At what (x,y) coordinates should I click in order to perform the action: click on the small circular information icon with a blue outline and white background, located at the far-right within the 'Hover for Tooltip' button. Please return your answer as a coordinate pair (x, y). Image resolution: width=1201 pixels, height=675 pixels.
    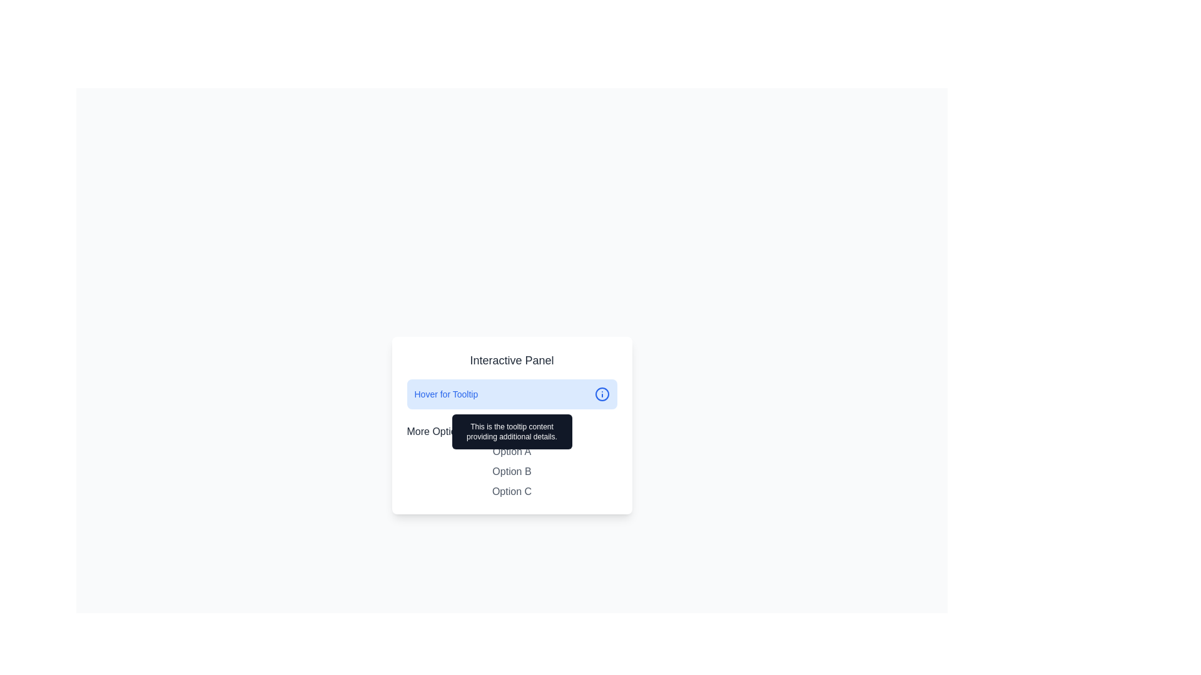
    Looking at the image, I should click on (602, 394).